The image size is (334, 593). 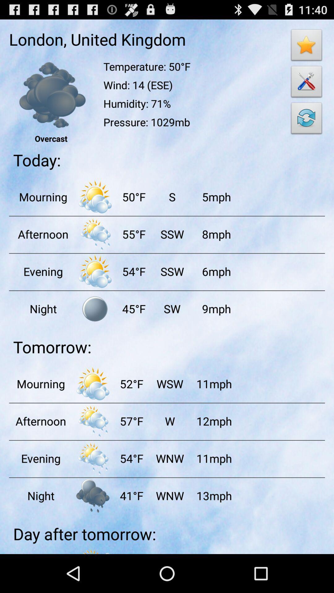 What do you see at coordinates (172, 196) in the screenshot?
I see `app to the left of the 5mph app` at bounding box center [172, 196].